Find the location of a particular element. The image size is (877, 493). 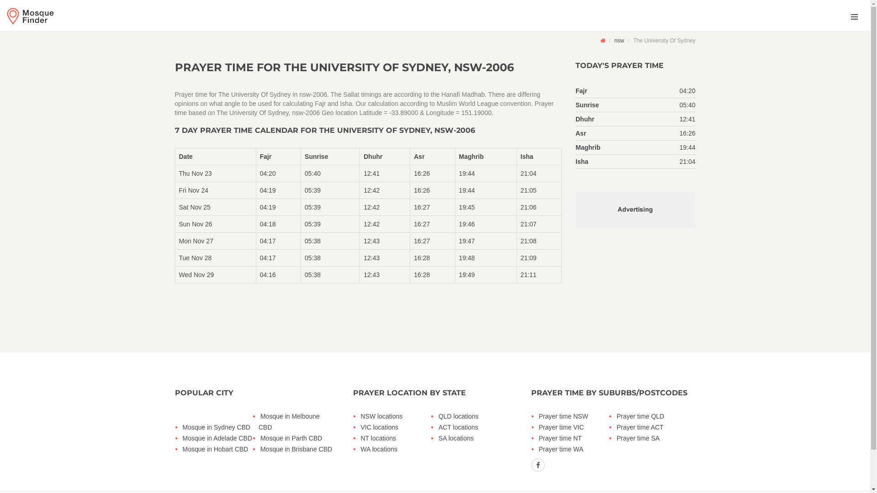

'WA locations' is located at coordinates (397, 448).